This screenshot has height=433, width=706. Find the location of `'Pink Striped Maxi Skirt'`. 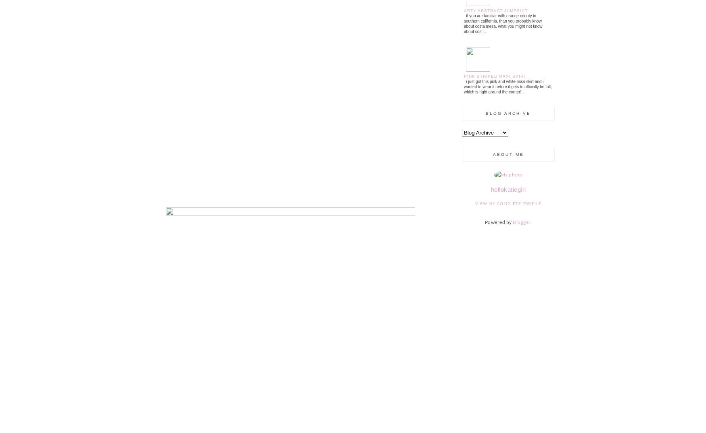

'Pink Striped Maxi Skirt' is located at coordinates (495, 76).